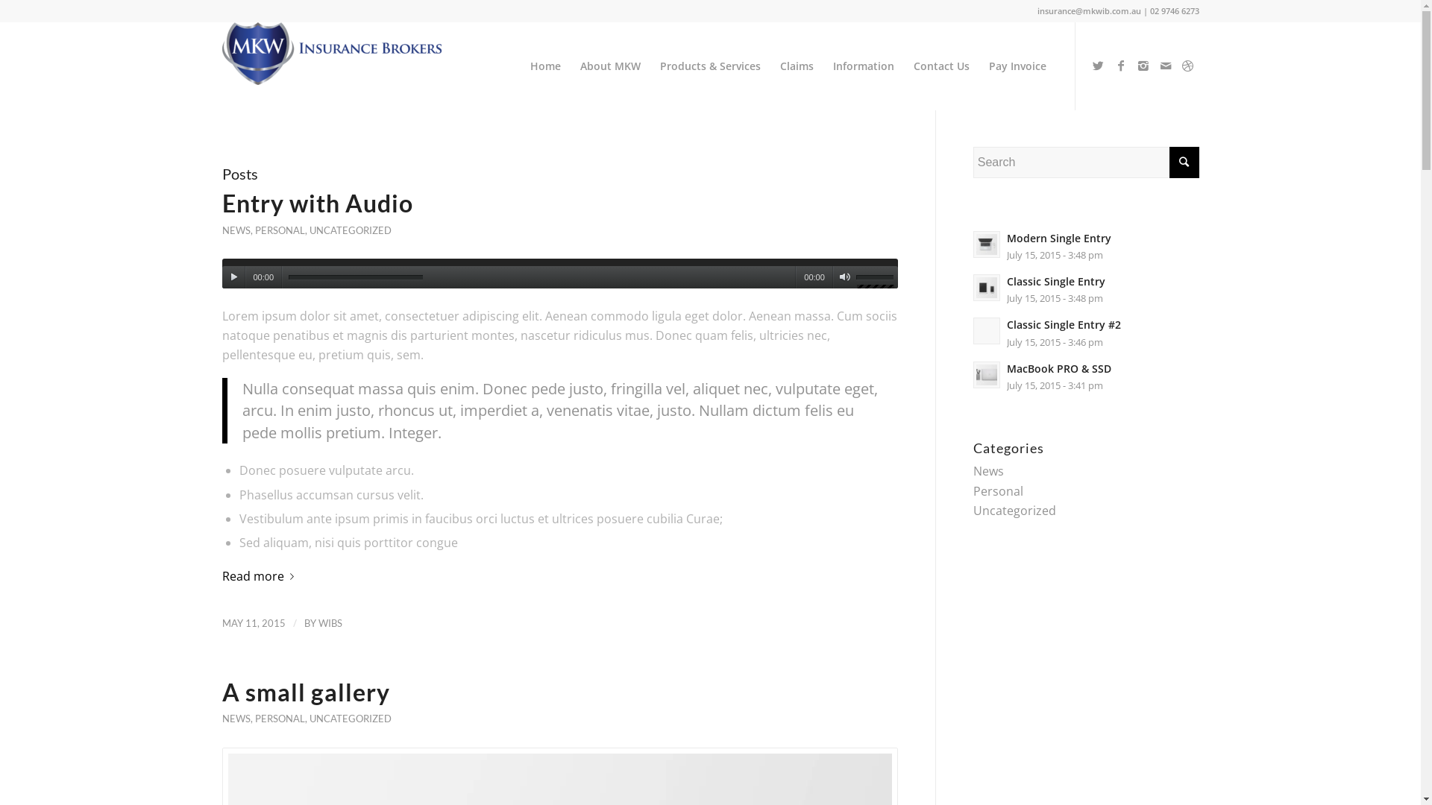 This screenshot has height=805, width=1432. Describe the element at coordinates (254, 230) in the screenshot. I see `'PERSONAL'` at that location.